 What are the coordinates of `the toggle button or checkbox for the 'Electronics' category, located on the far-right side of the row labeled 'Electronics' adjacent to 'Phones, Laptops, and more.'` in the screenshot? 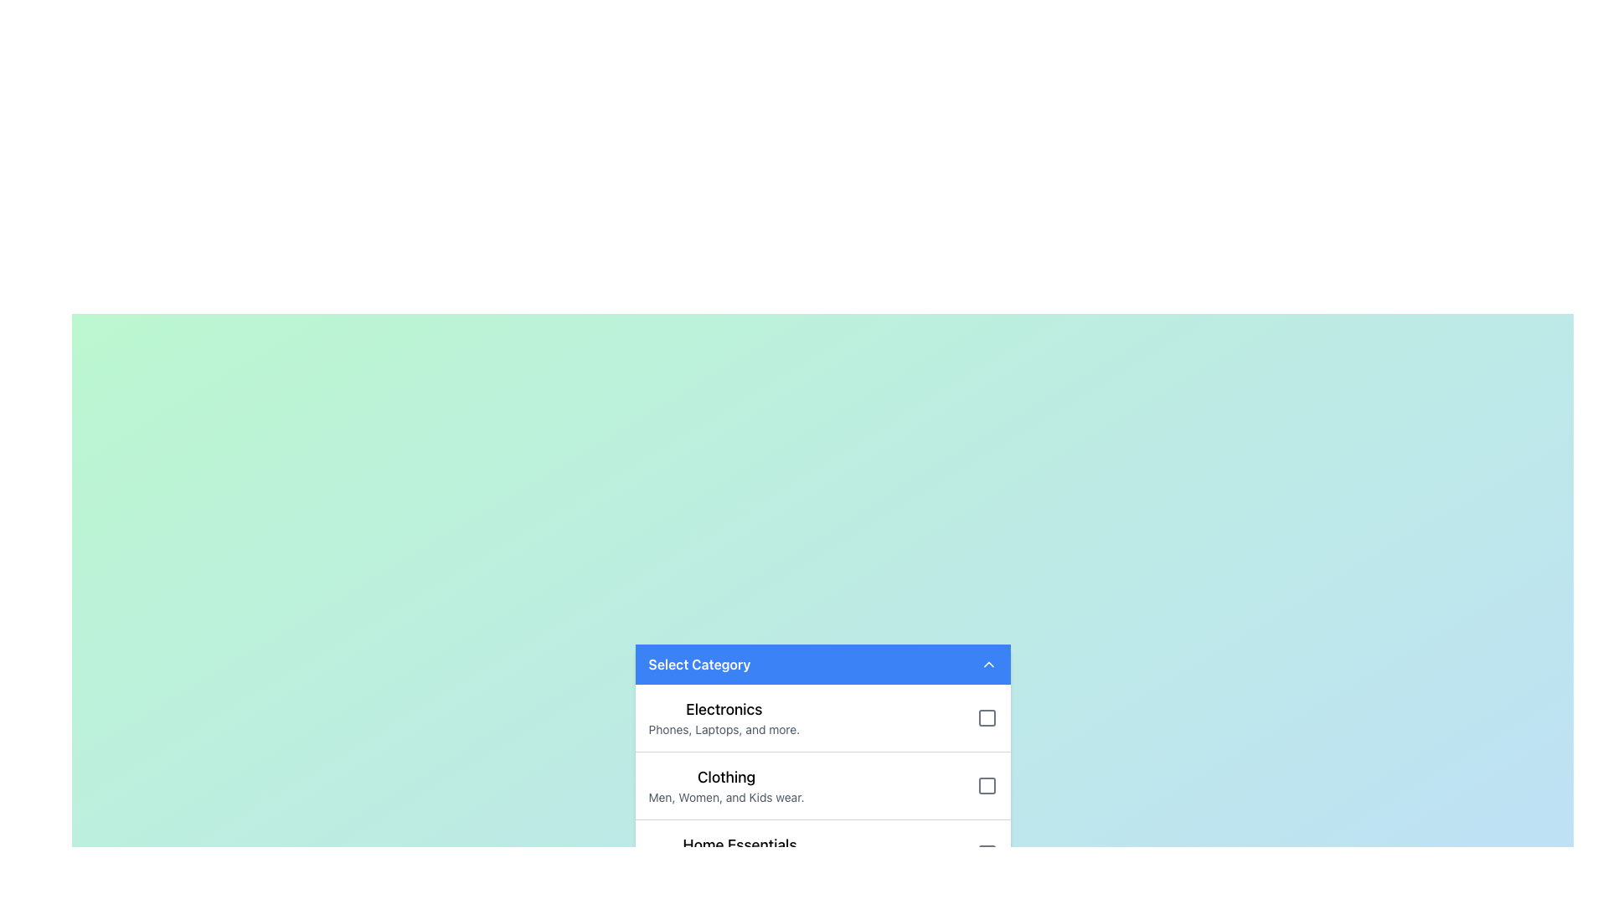 It's located at (987, 717).